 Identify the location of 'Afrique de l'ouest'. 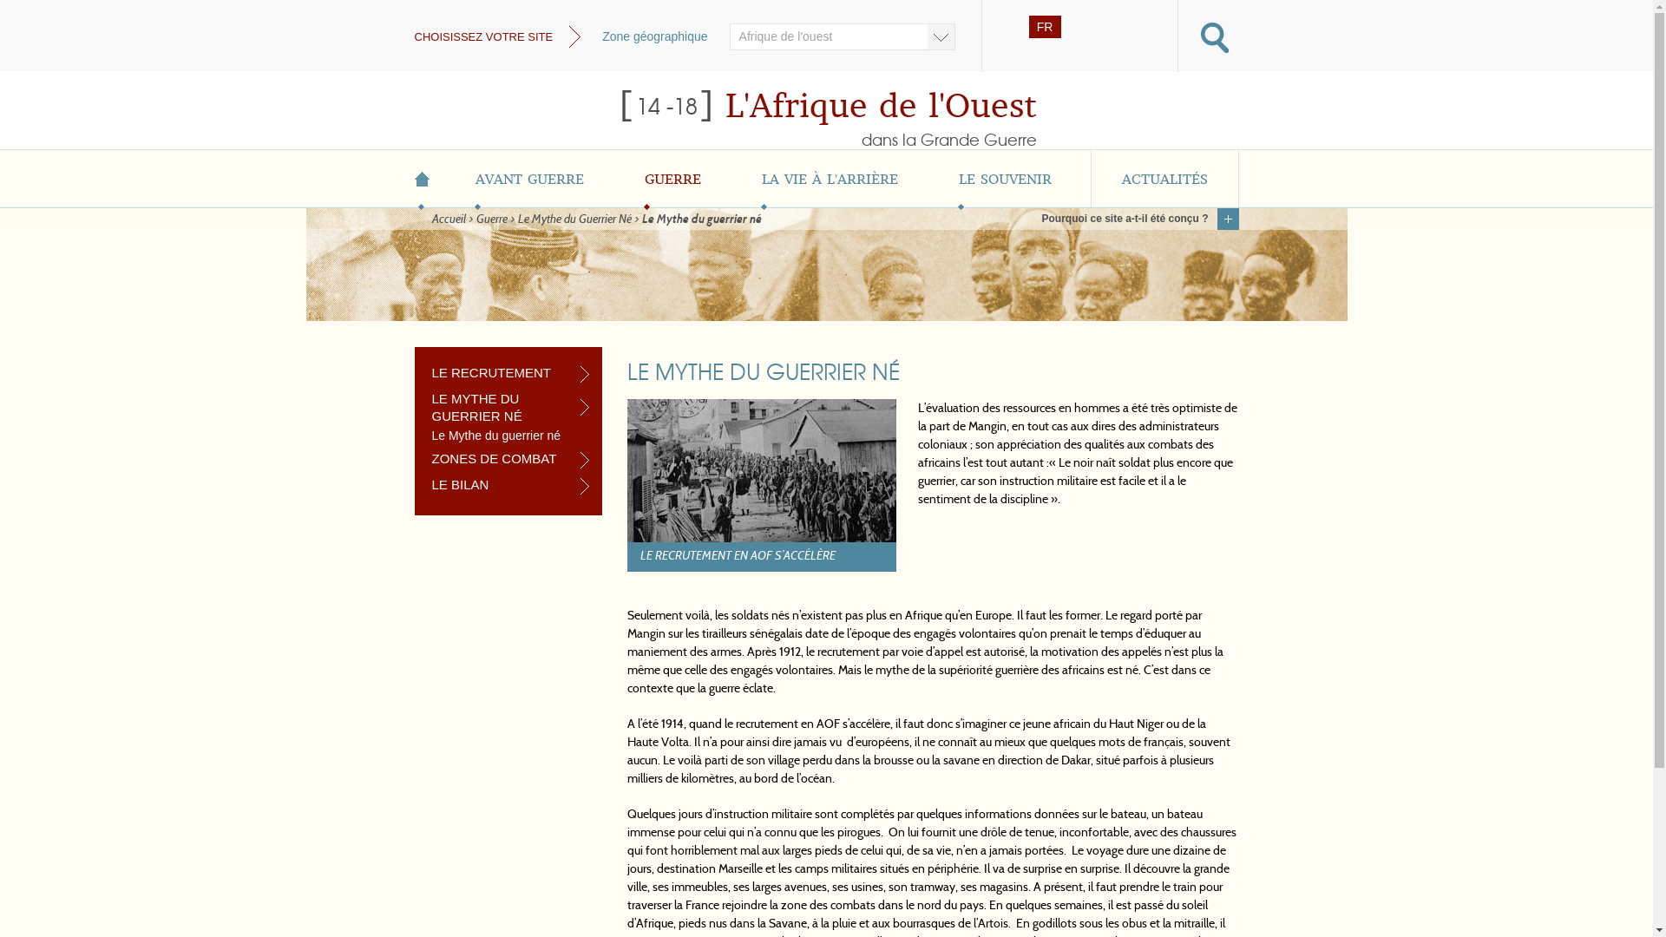
(842, 36).